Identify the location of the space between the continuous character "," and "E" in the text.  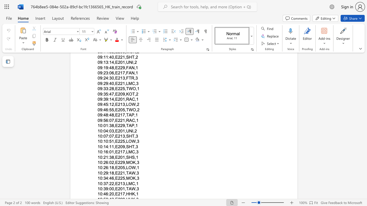
(115, 141).